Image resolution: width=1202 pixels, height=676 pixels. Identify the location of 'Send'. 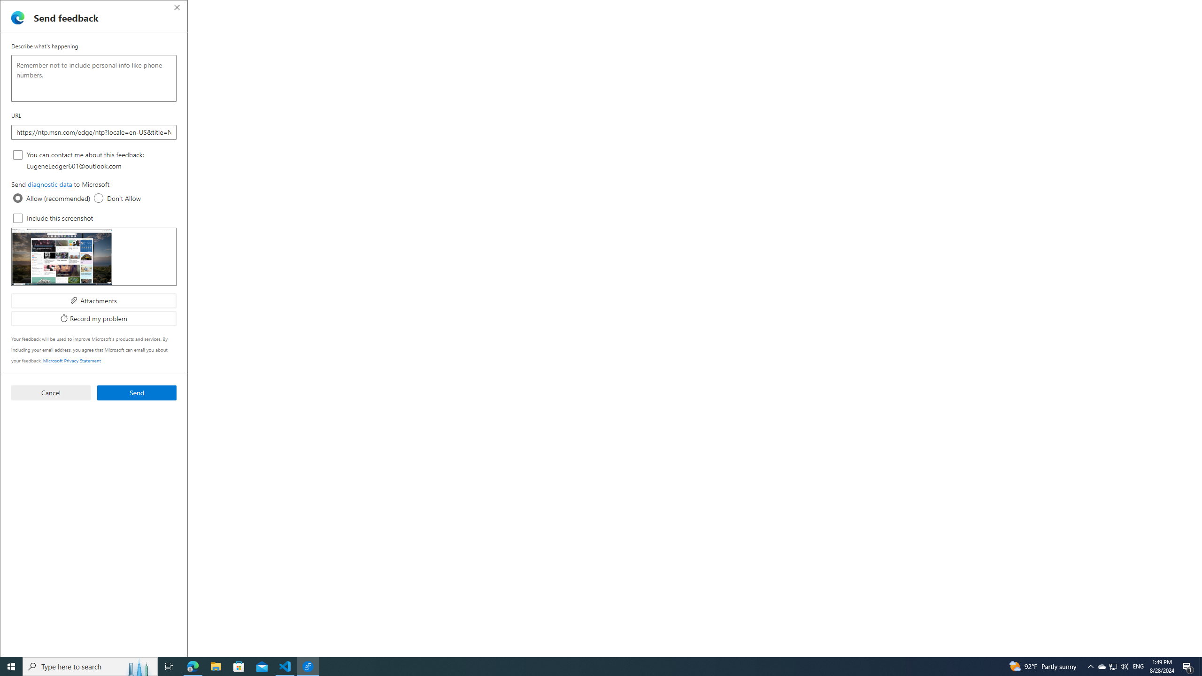
(136, 392).